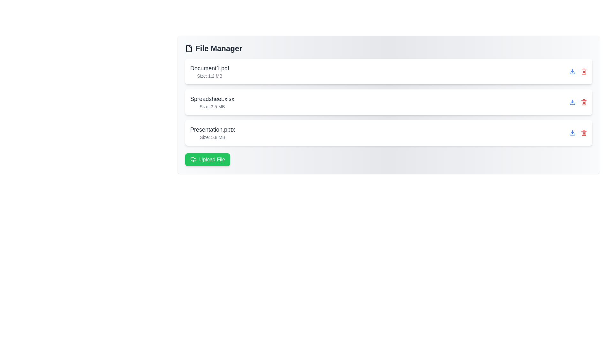 This screenshot has height=345, width=613. What do you see at coordinates (212, 99) in the screenshot?
I see `the file name Spreadsheet.xlsx to select it` at bounding box center [212, 99].